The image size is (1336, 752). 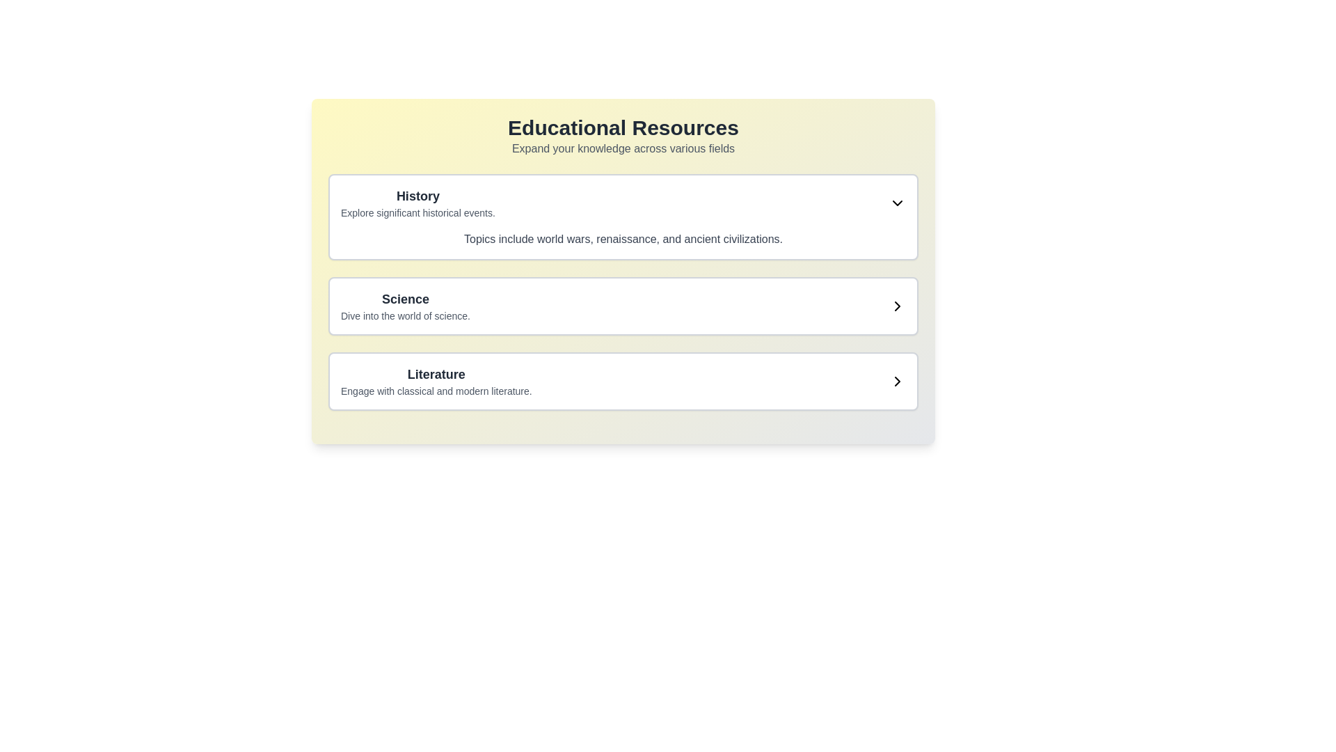 What do you see at coordinates (898, 305) in the screenshot?
I see `the rightward-pointing chevron icon located on the right side of the 'Science' section` at bounding box center [898, 305].